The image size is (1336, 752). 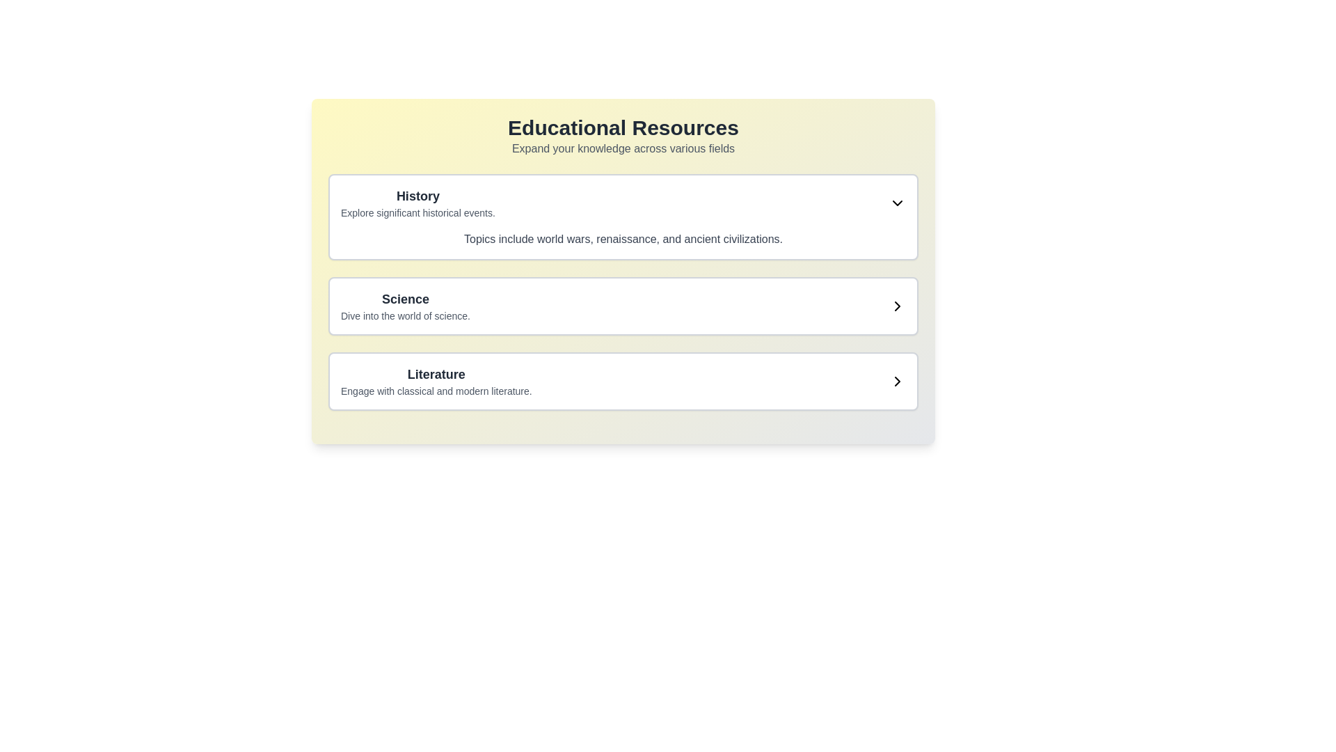 What do you see at coordinates (898, 305) in the screenshot?
I see `the rightward-pointing chevron icon located on the right side of the 'Science' section` at bounding box center [898, 305].